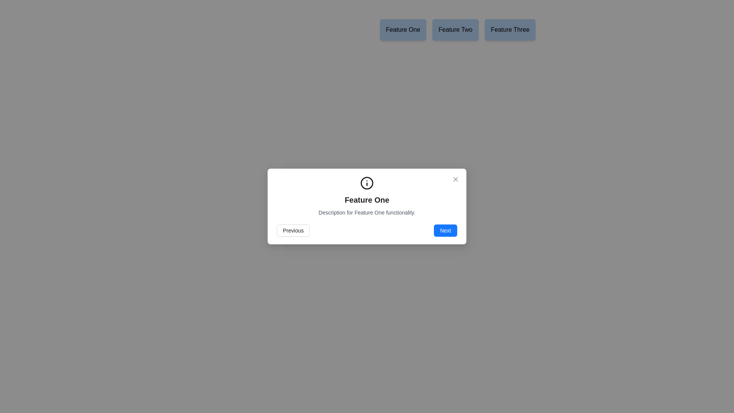 This screenshot has width=734, height=413. I want to click on the rectangular button with a blue background labeled 'Feature Two', so click(455, 29).